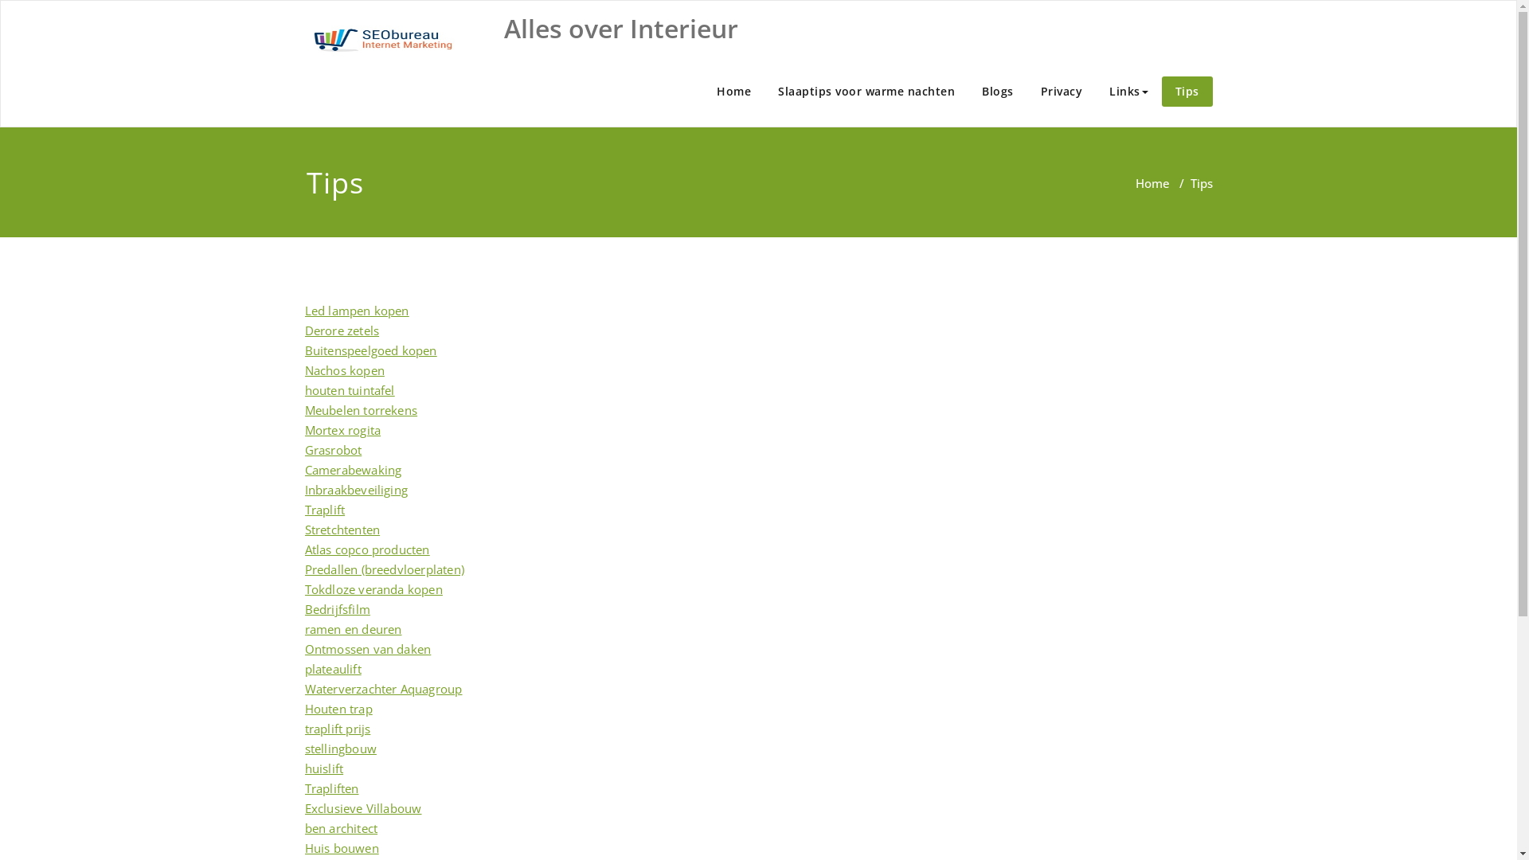 The image size is (1529, 860). I want to click on 'ramen en deuren', so click(351, 628).